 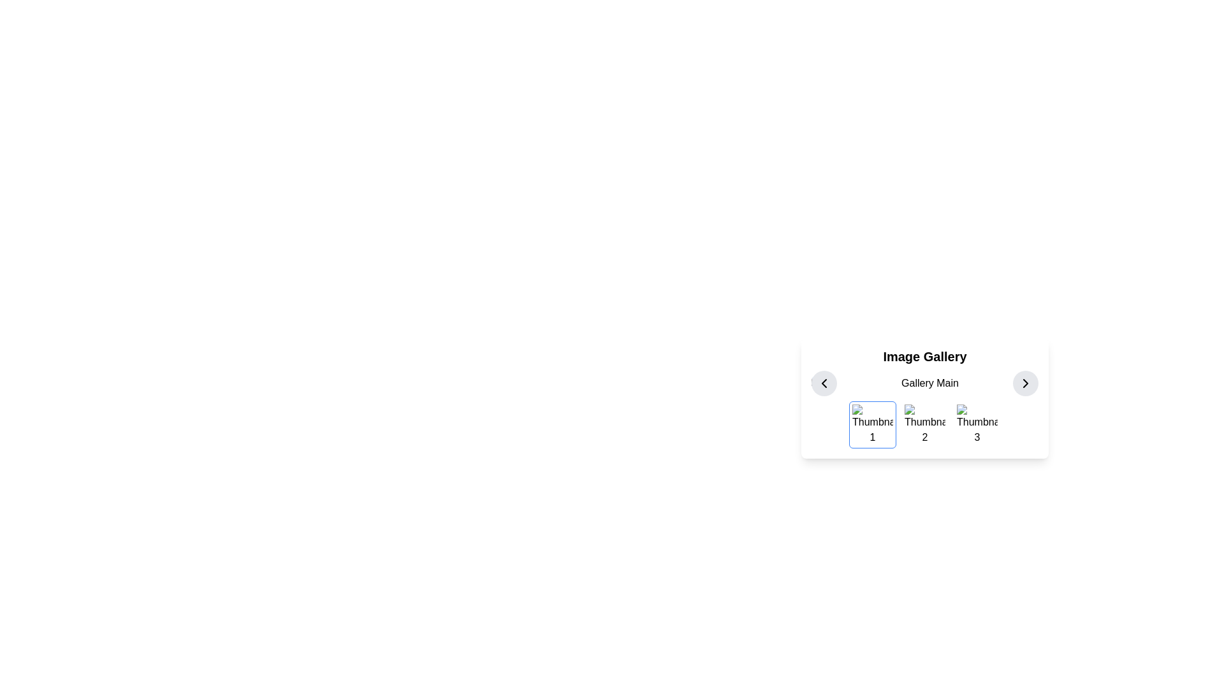 What do you see at coordinates (1025, 382) in the screenshot?
I see `the rightward-pointing chevron icon button located at the right end of the image gallery section` at bounding box center [1025, 382].